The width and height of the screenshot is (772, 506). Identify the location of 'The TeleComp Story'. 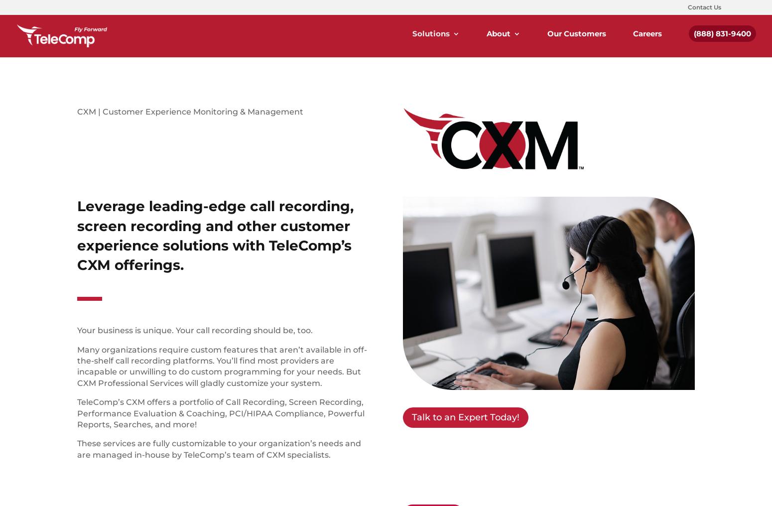
(541, 86).